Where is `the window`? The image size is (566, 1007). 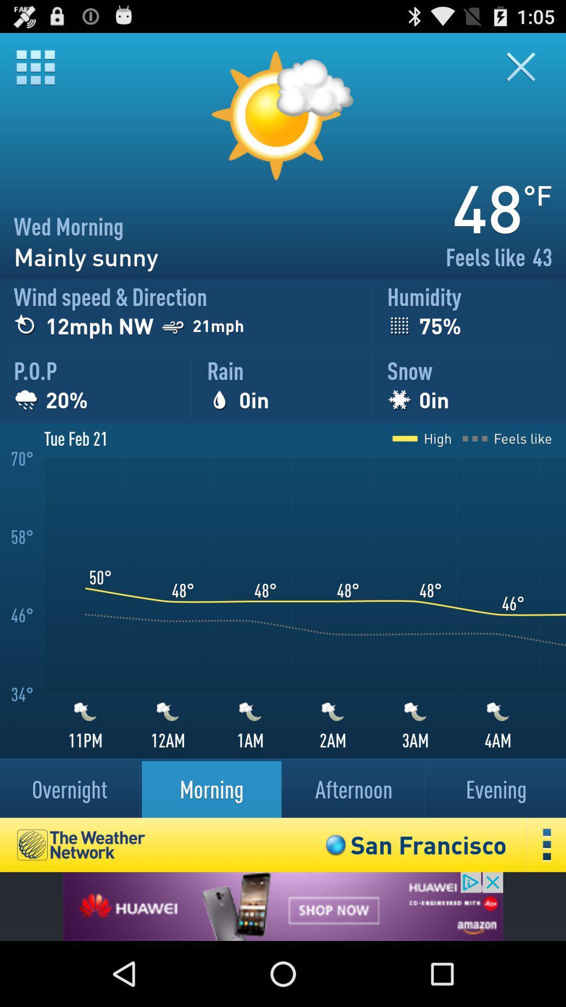 the window is located at coordinates (527, 66).